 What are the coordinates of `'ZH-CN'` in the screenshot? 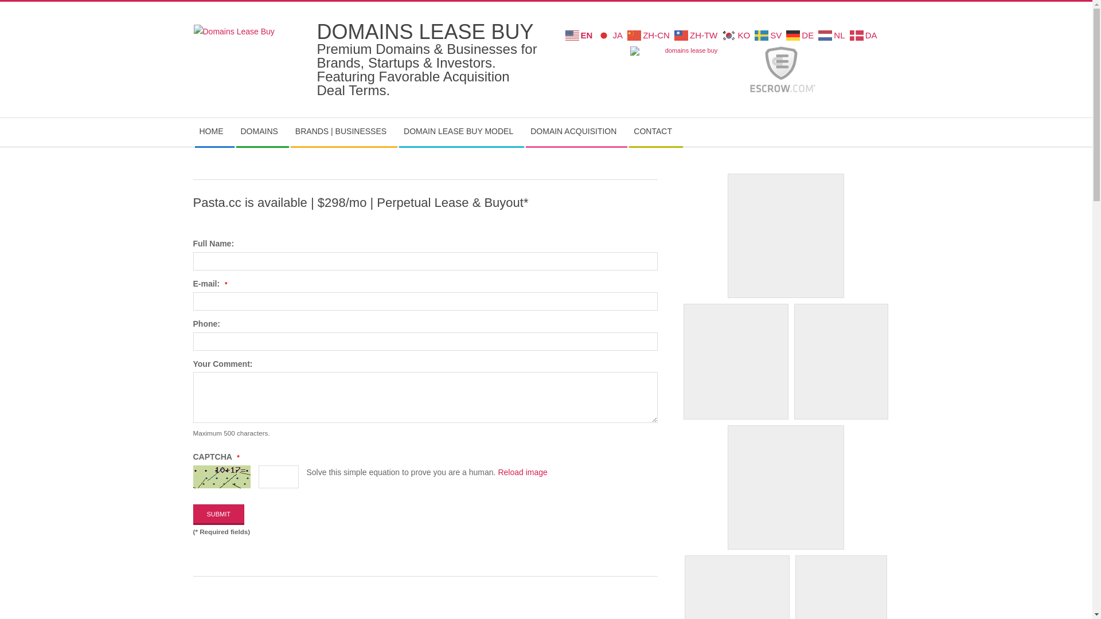 It's located at (627, 34).